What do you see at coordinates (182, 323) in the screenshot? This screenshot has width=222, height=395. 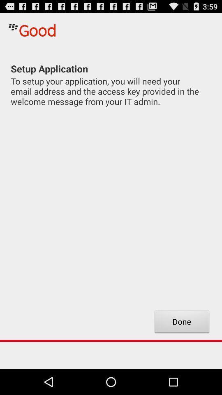 I see `the item below to setup your icon` at bounding box center [182, 323].